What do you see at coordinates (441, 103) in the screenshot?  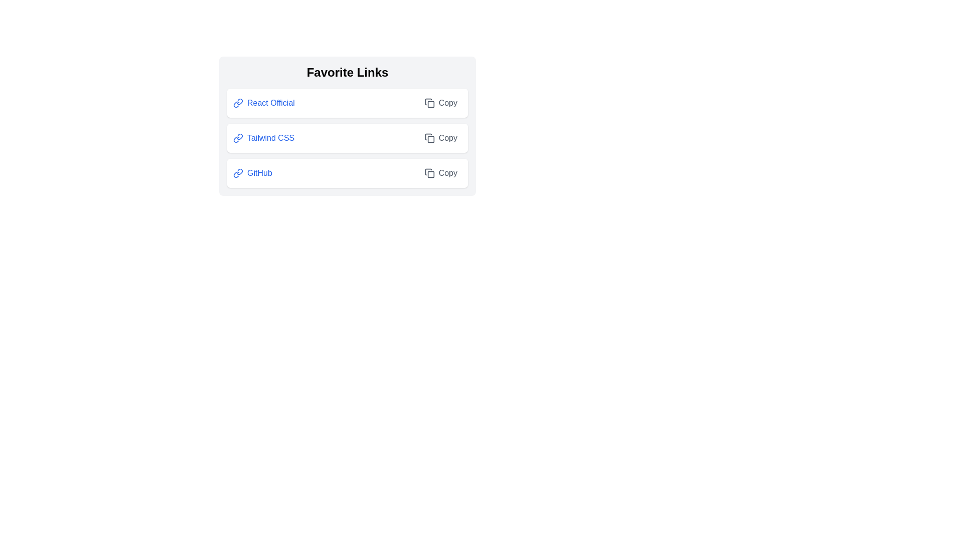 I see `the 'Copy' button associated with the 'React Official' entry in the 'Favorite Links' section` at bounding box center [441, 103].